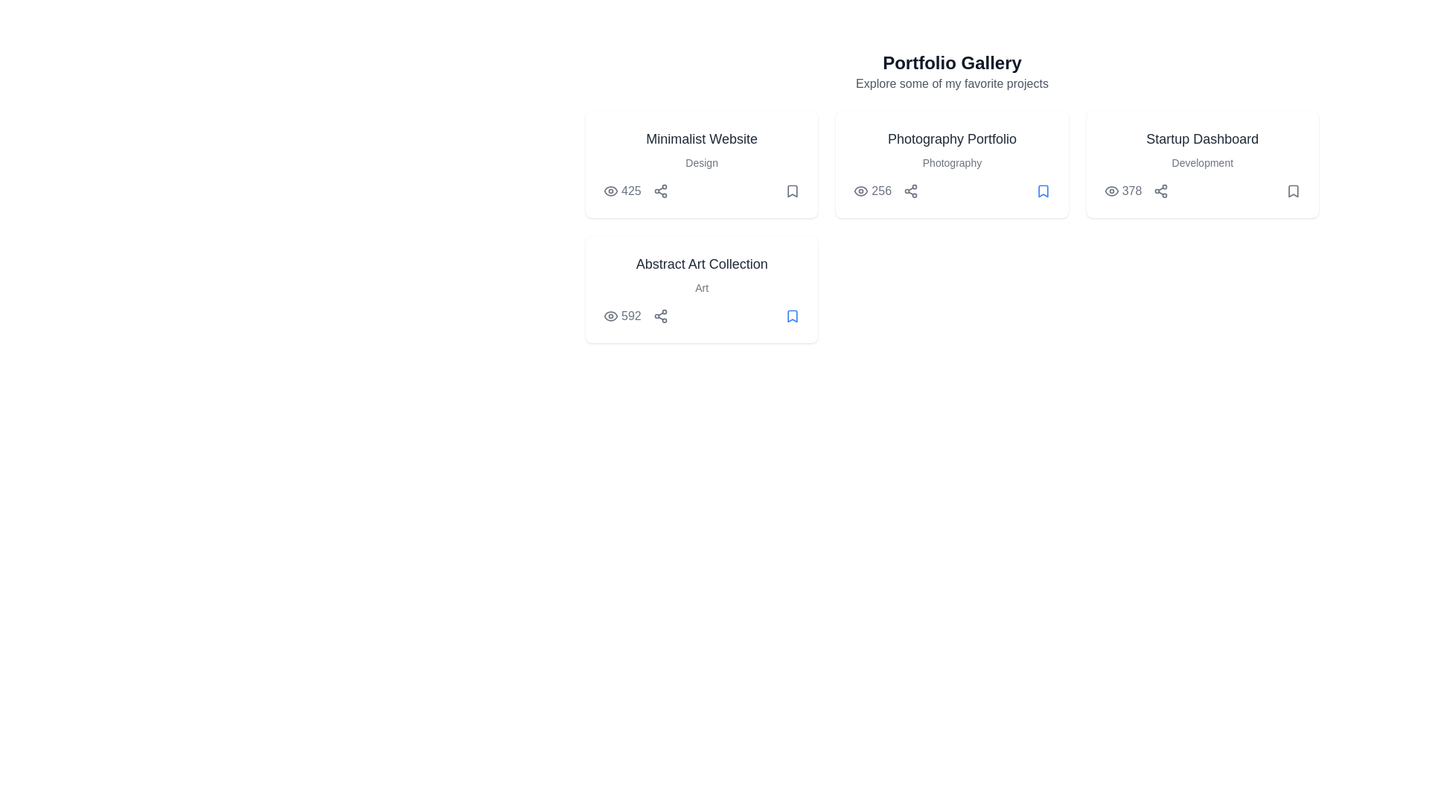 This screenshot has height=804, width=1429. I want to click on the text label displaying 'Development' located in the card titled 'Startup Dashboard' in the top-right section of the grid interface, so click(1202, 163).